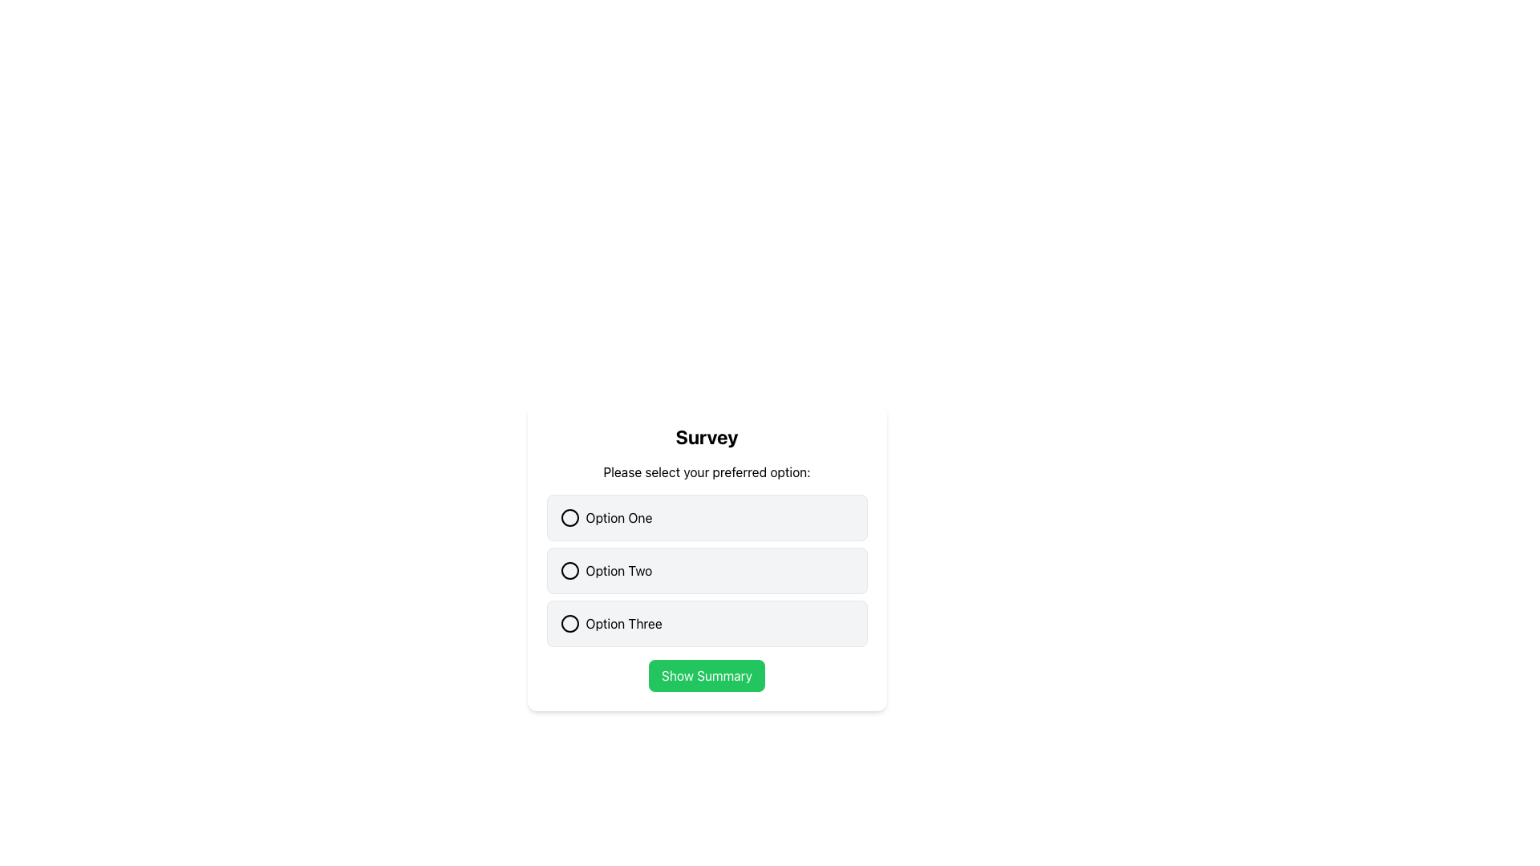 This screenshot has width=1540, height=866. Describe the element at coordinates (569, 517) in the screenshot. I see `the active indicator of the radio button for 'Option One'` at that location.